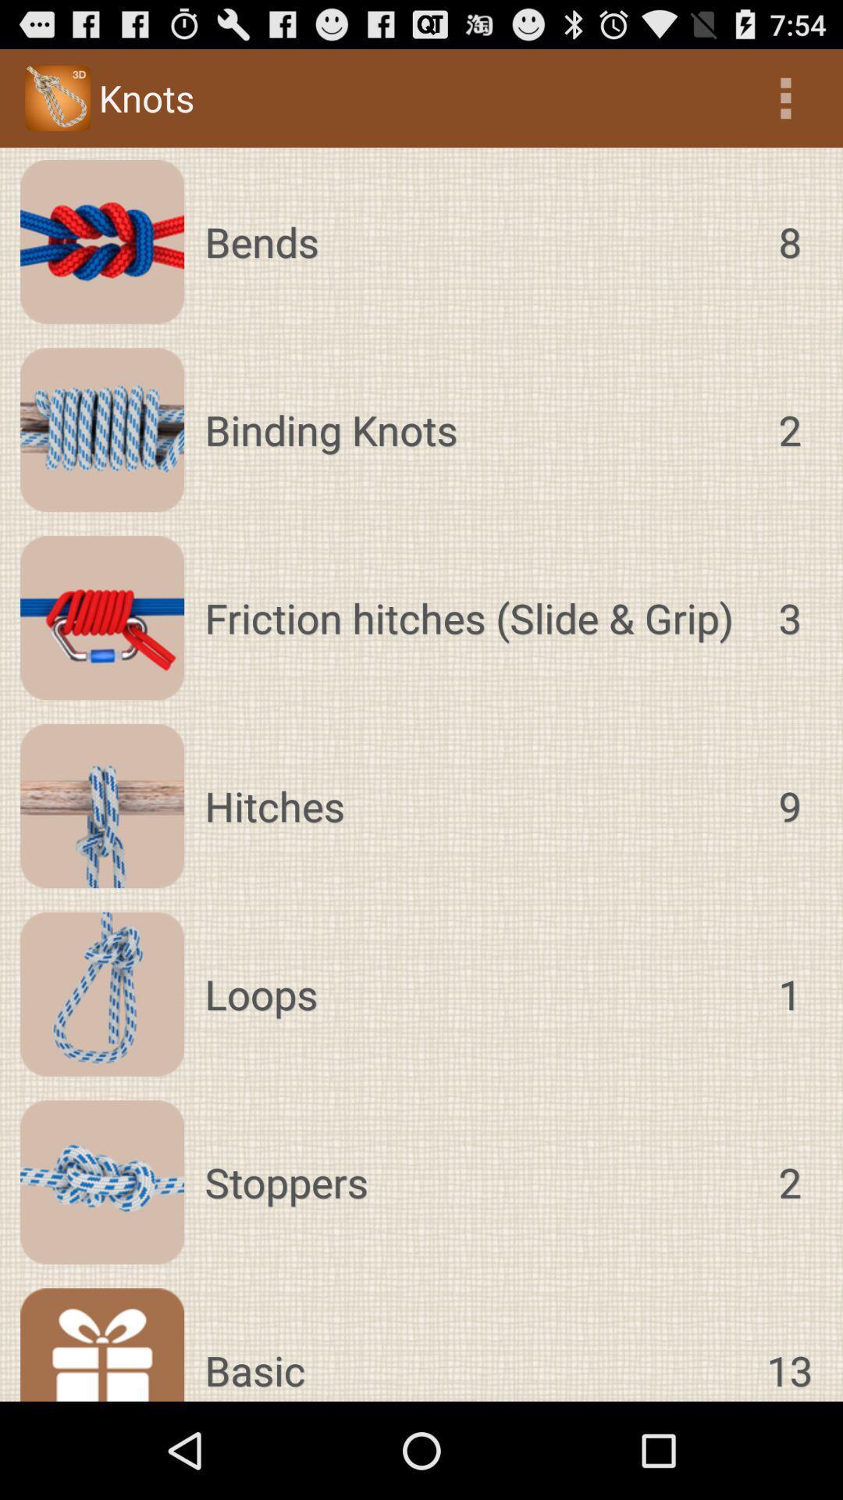  What do you see at coordinates (475, 430) in the screenshot?
I see `app below bends icon` at bounding box center [475, 430].